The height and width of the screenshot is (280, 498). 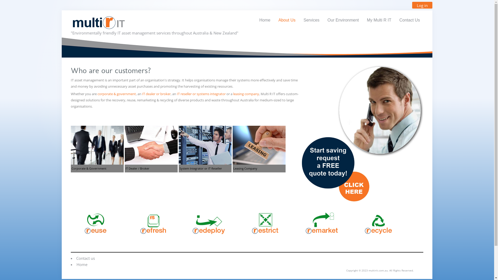 What do you see at coordinates (82, 264) in the screenshot?
I see `'Home'` at bounding box center [82, 264].